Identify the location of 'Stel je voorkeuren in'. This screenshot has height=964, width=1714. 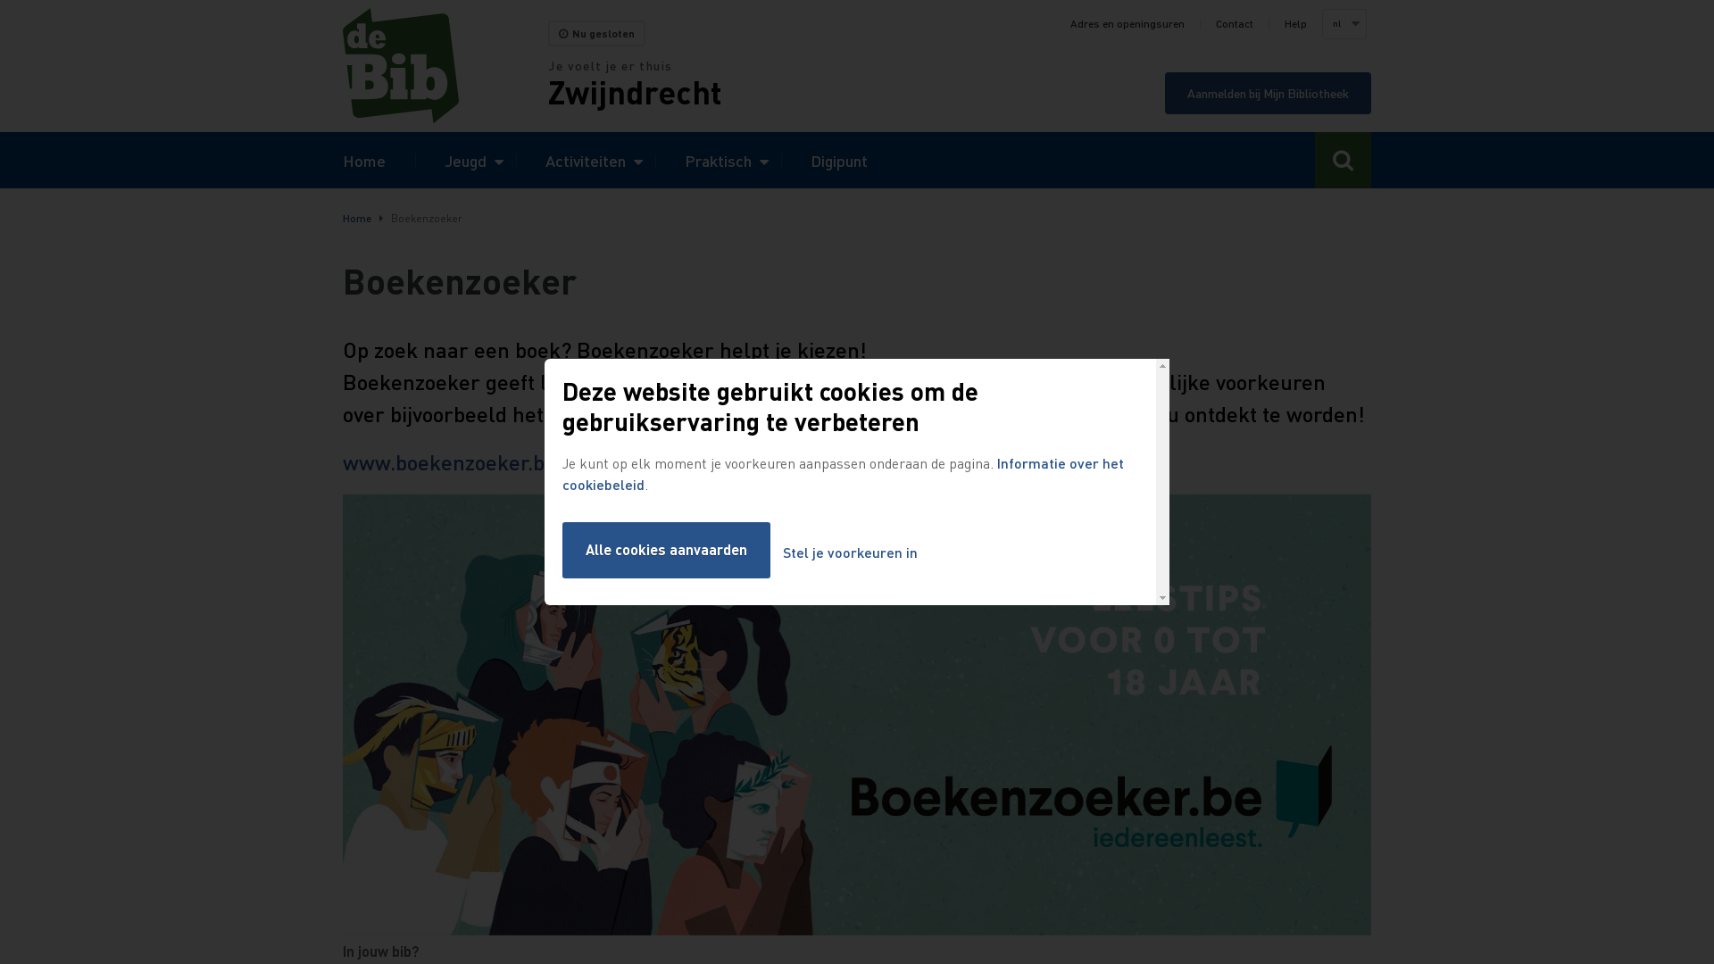
(849, 552).